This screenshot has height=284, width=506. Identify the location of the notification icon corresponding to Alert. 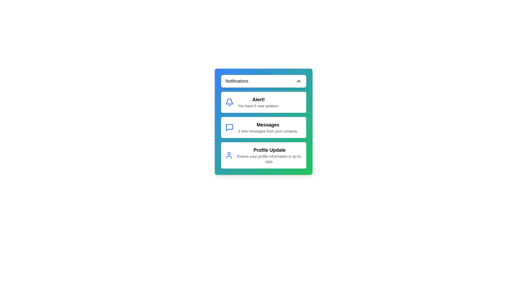
(229, 102).